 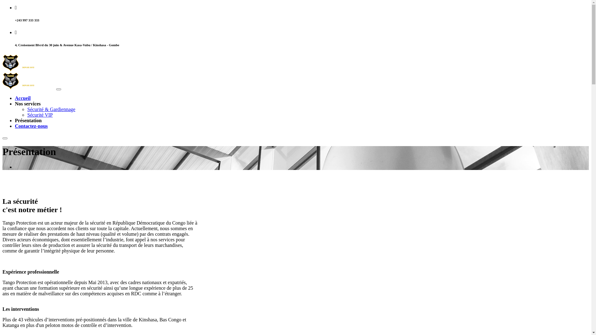 I want to click on 'Accueil', so click(x=23, y=98).